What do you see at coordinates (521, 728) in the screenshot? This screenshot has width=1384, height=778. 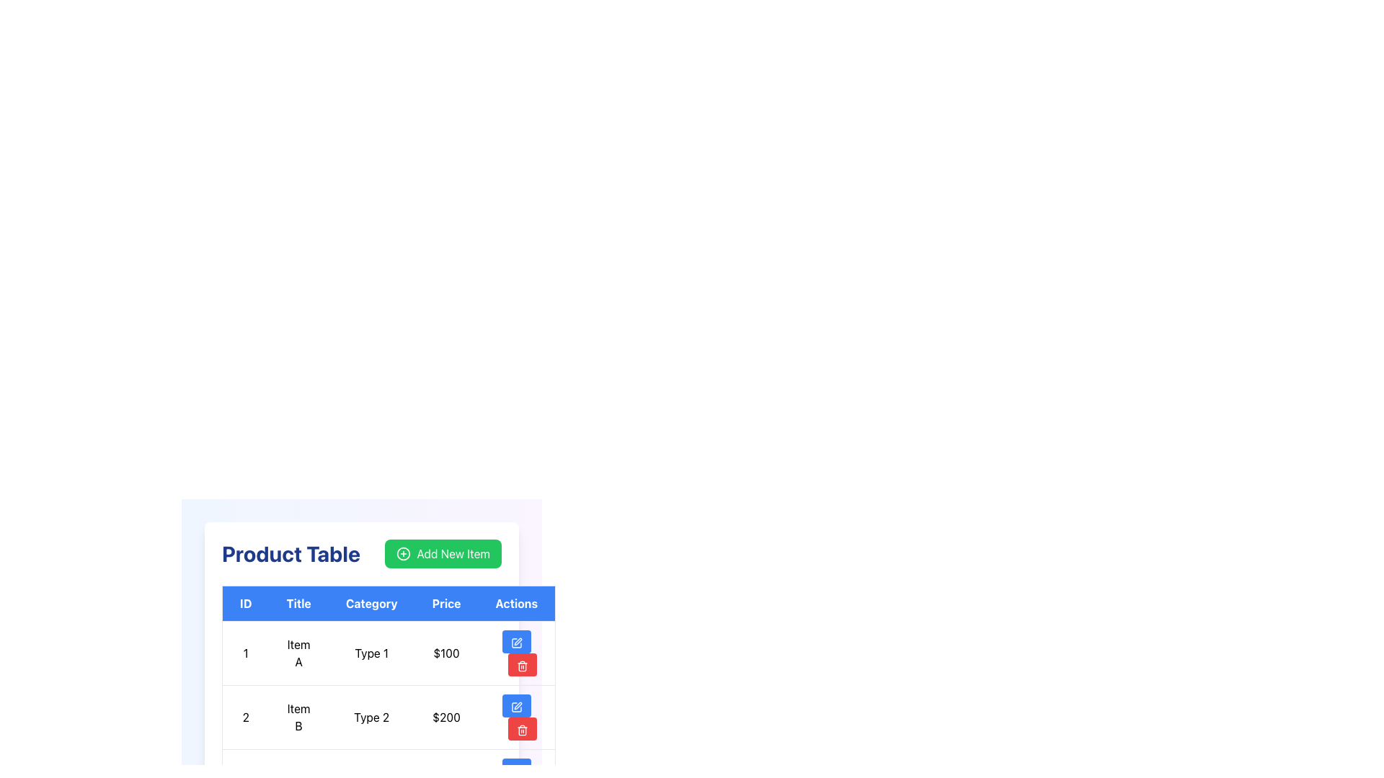 I see `the red rectangular button with a white trash can icon located in the second row of the 'Actions' column in the table` at bounding box center [521, 728].